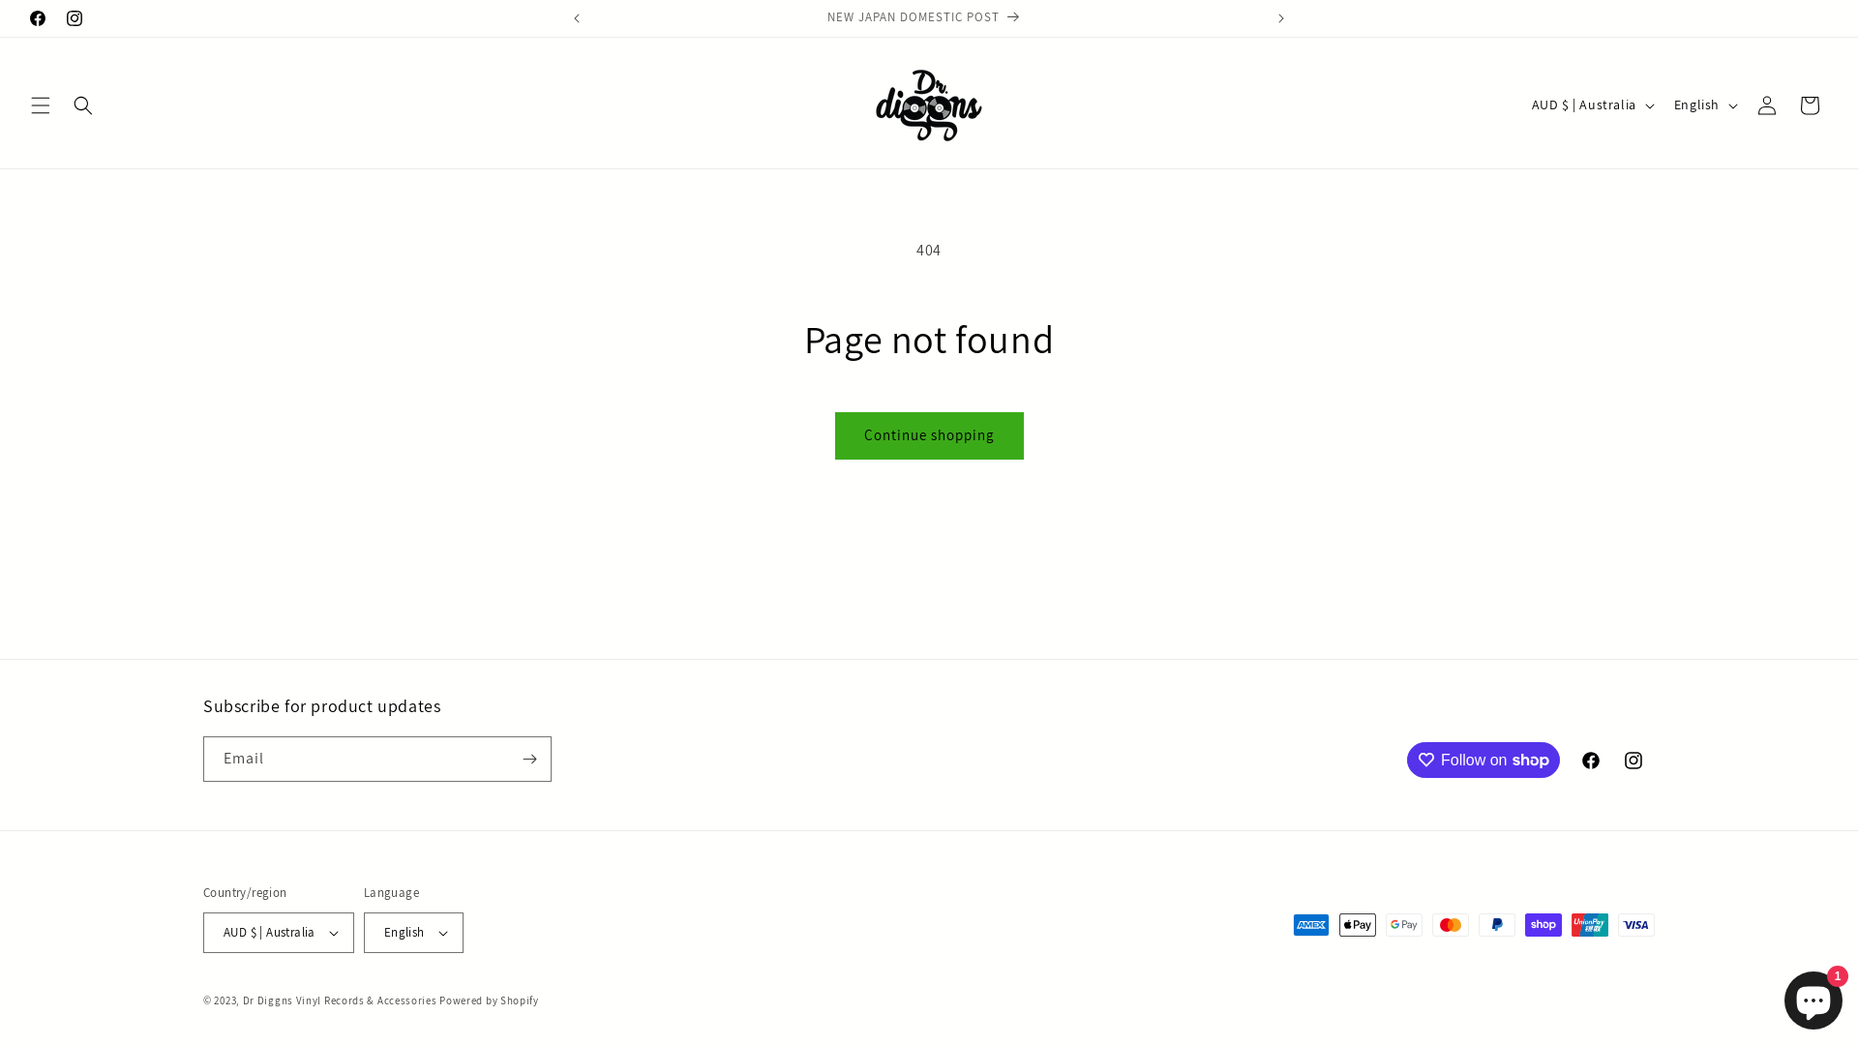 The width and height of the screenshot is (1858, 1045). I want to click on 'Dr Diggns Vinyl Records & Accessories', so click(340, 1000).